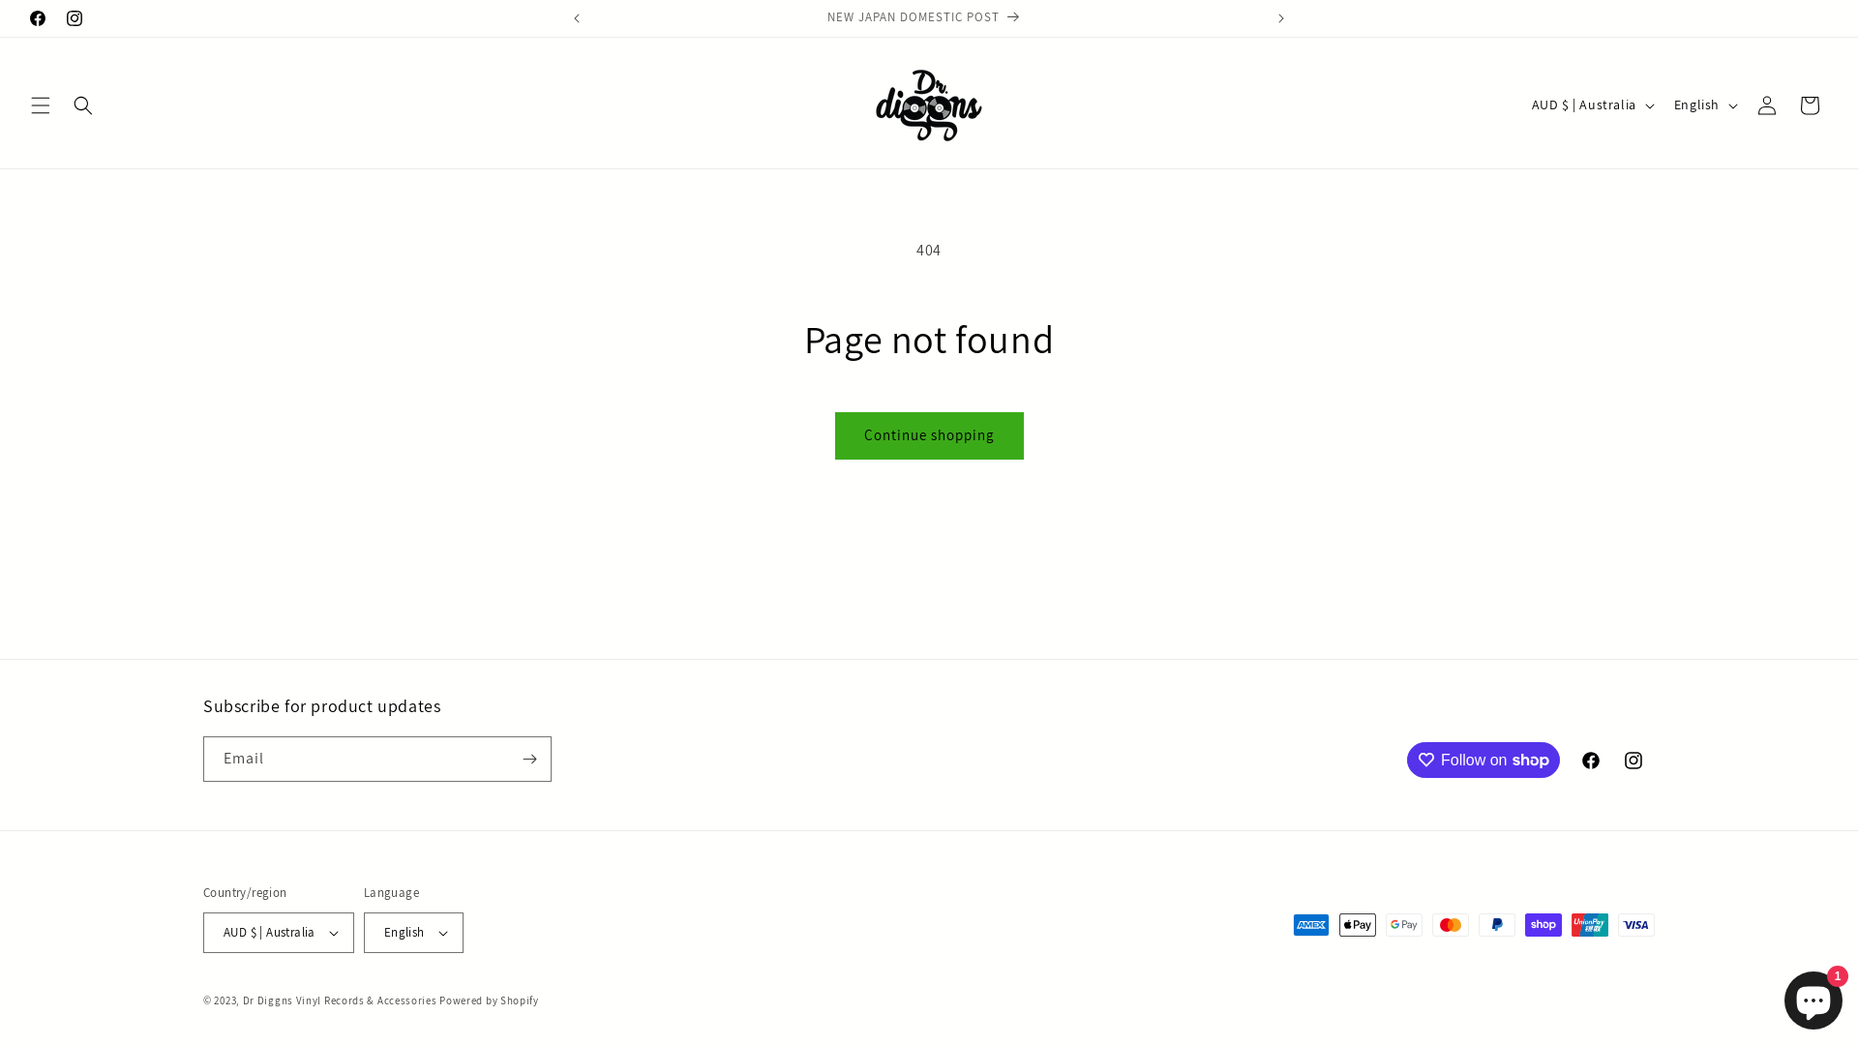 The width and height of the screenshot is (1858, 1045). I want to click on 'Dr Diggns Vinyl Records & Accessories', so click(340, 1000).